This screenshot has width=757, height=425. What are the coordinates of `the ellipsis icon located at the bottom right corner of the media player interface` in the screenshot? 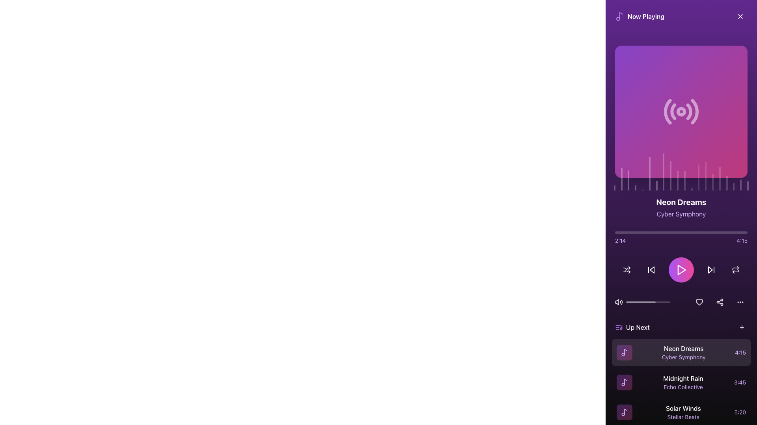 It's located at (740, 301).